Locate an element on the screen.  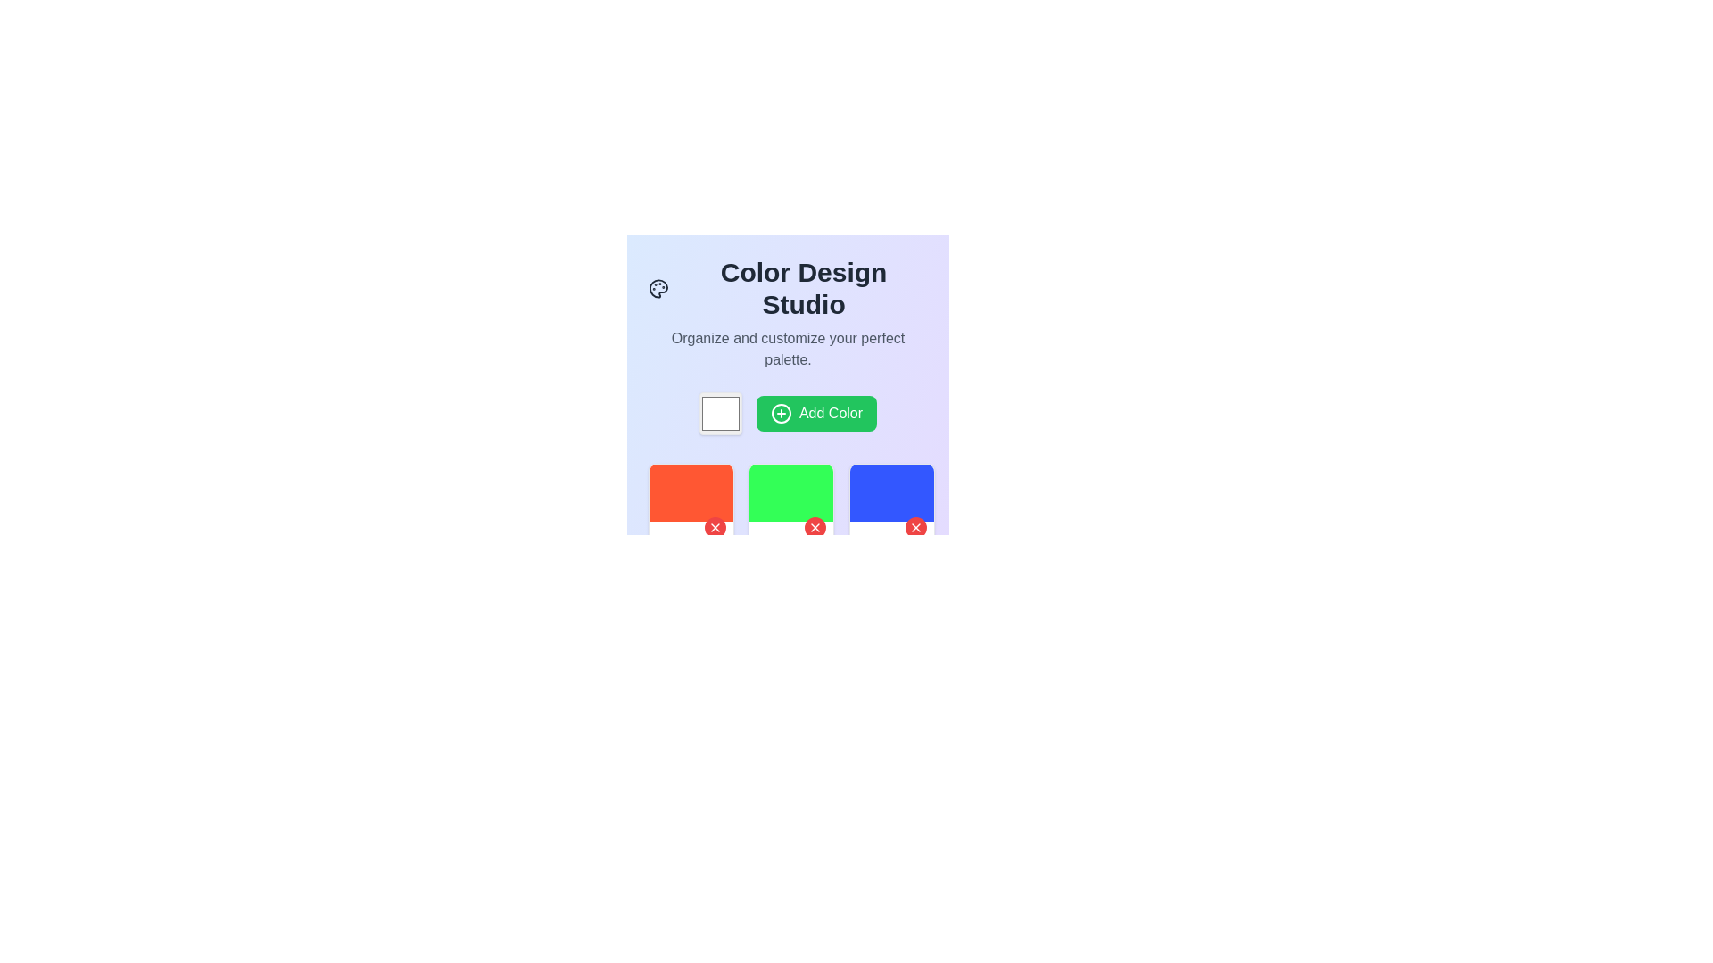
the third 'X' icon button located at the bottom-right of the blue color block is located at coordinates (915, 526).